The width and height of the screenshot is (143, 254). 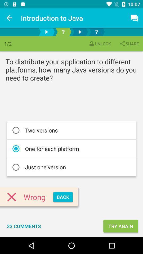 What do you see at coordinates (46, 32) in the screenshot?
I see `first breadcrumb` at bounding box center [46, 32].